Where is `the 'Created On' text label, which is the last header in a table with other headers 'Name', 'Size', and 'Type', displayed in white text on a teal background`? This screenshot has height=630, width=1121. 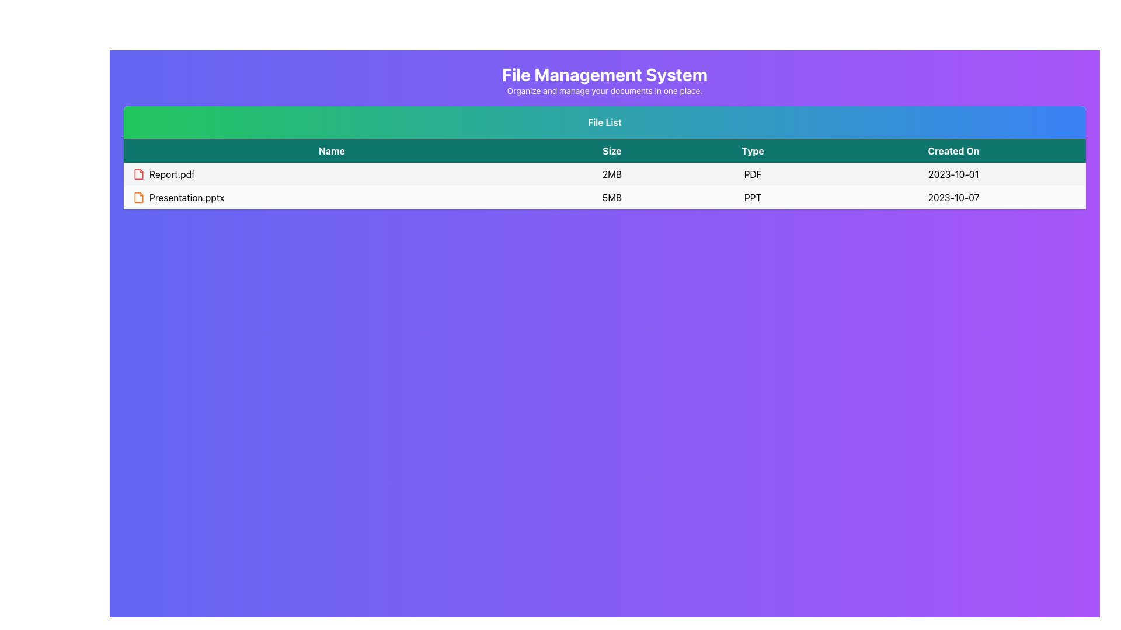
the 'Created On' text label, which is the last header in a table with other headers 'Name', 'Size', and 'Type', displayed in white text on a teal background is located at coordinates (953, 150).